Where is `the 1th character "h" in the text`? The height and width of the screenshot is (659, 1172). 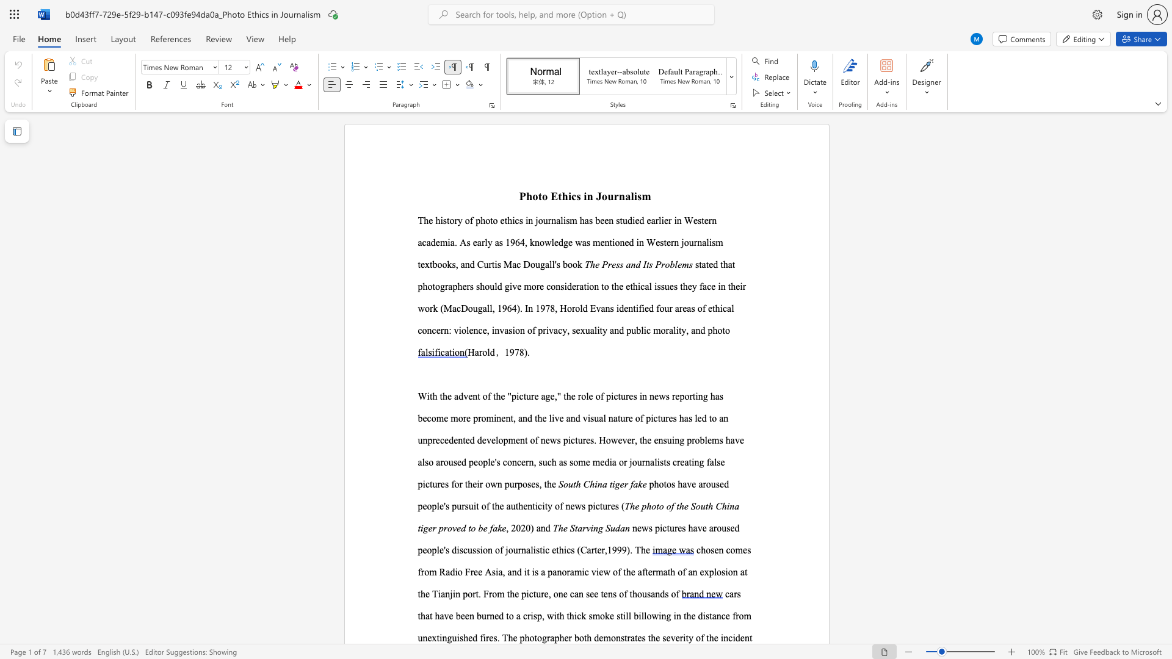
the 1th character "h" in the text is located at coordinates (529, 195).